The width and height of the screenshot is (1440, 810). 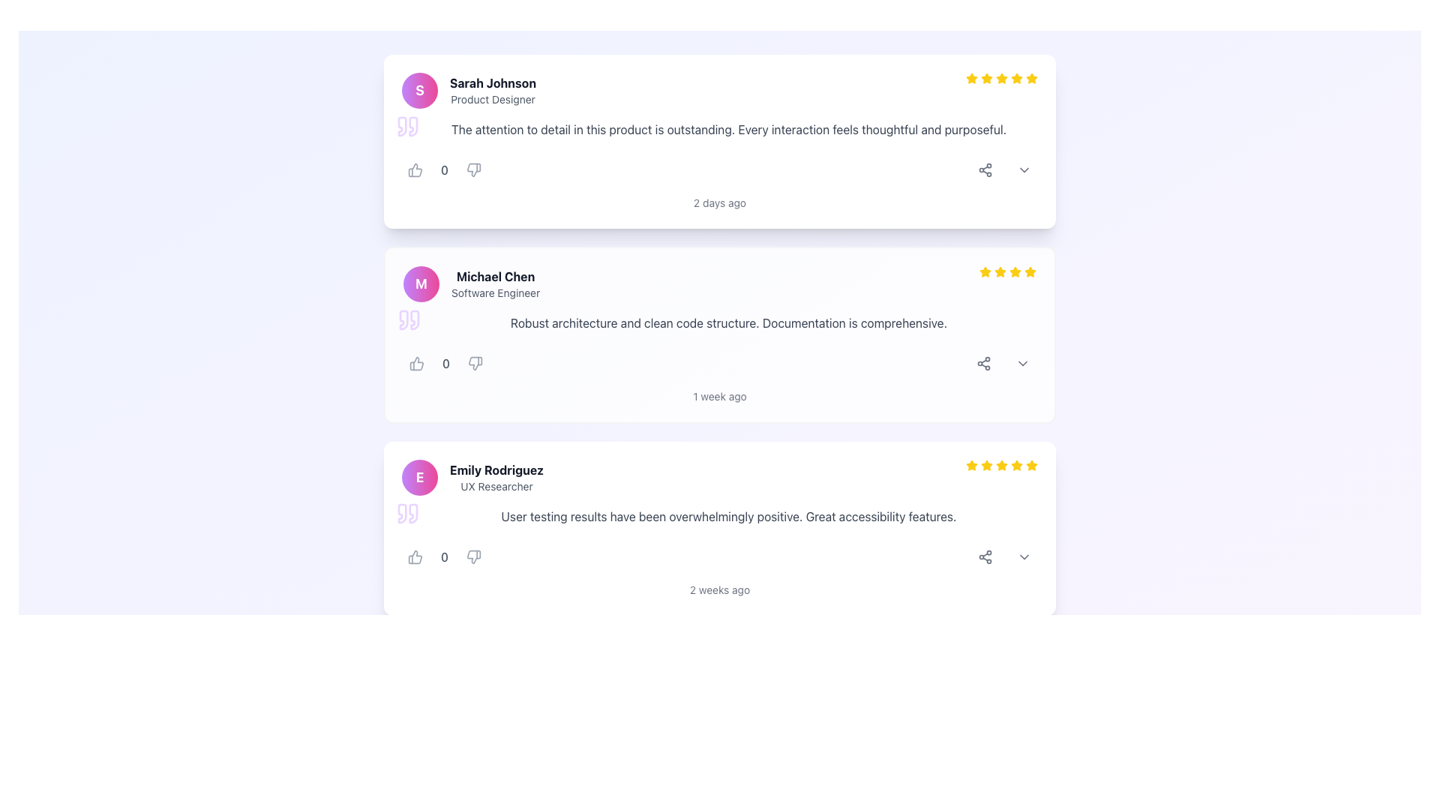 I want to click on the quotation mark icon in the bottom-most card of the vertical list layout, which is purple and thin-lined, located to the left of the user's name and avatar, so click(x=402, y=513).